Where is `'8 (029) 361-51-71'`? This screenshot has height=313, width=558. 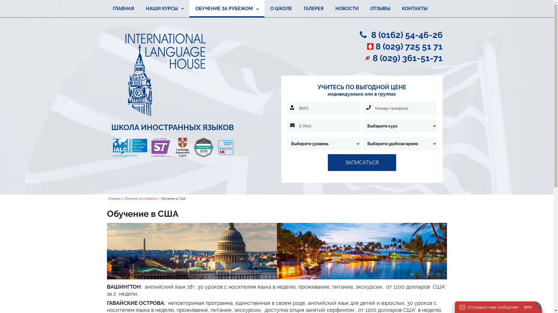 '8 (029) 361-51-71' is located at coordinates (407, 58).